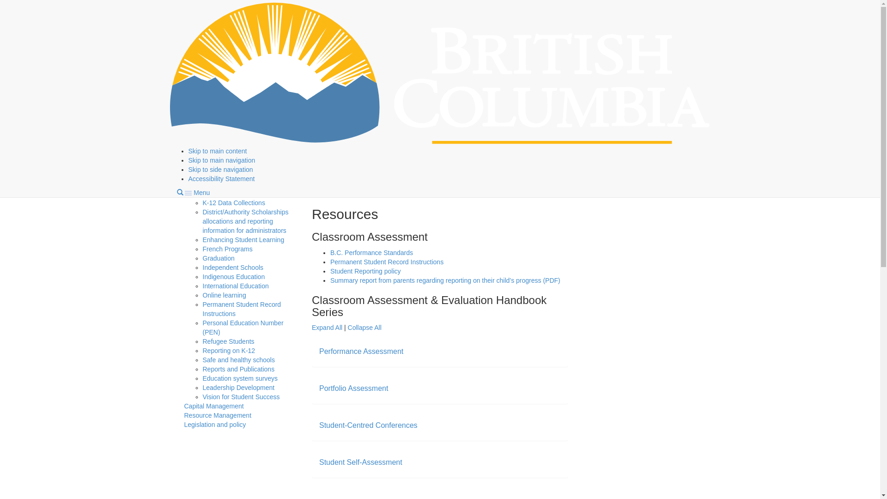 This screenshot has width=887, height=499. I want to click on 'Children and youth in care', so click(240, 175).